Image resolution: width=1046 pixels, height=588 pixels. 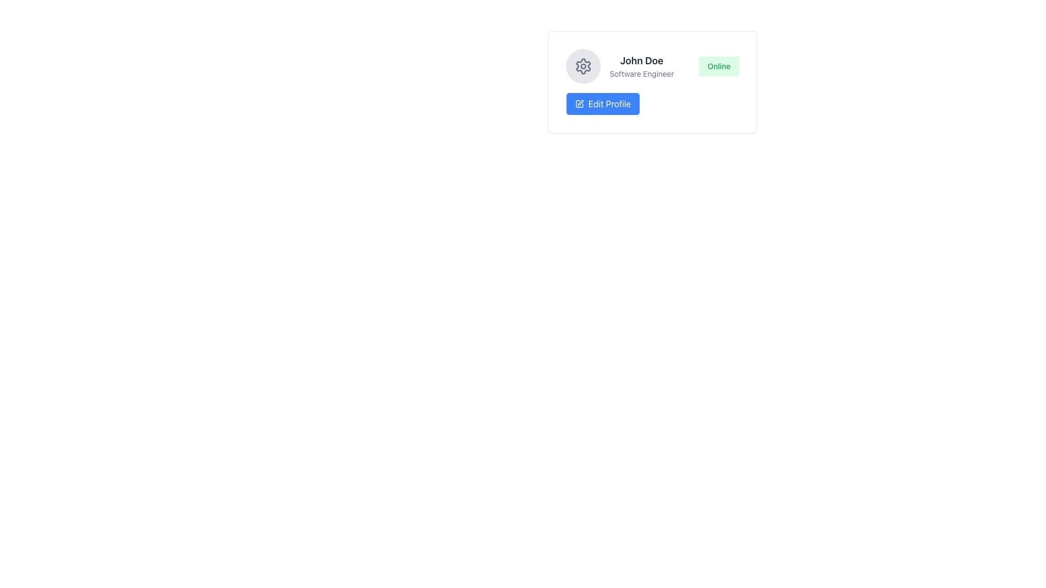 What do you see at coordinates (582, 66) in the screenshot?
I see `the settings icon located centrally within the circular area of the user profile component` at bounding box center [582, 66].